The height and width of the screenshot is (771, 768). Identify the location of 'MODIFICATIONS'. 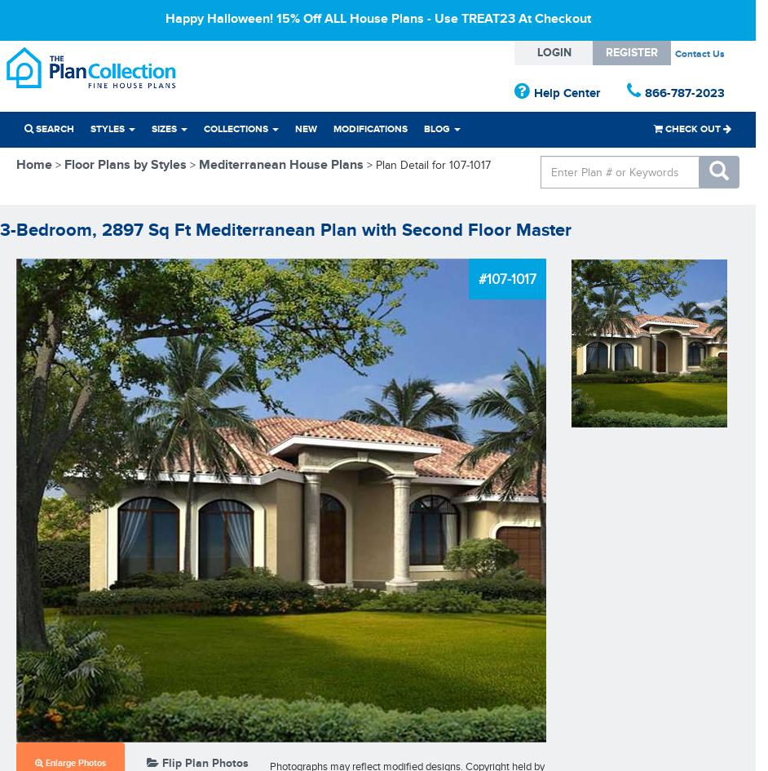
(333, 128).